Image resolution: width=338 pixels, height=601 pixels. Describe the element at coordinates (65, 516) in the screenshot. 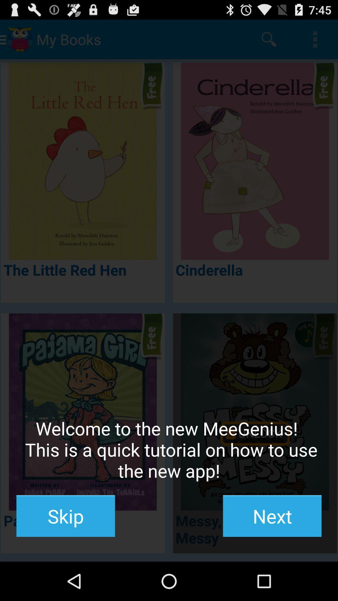

I see `skip item` at that location.